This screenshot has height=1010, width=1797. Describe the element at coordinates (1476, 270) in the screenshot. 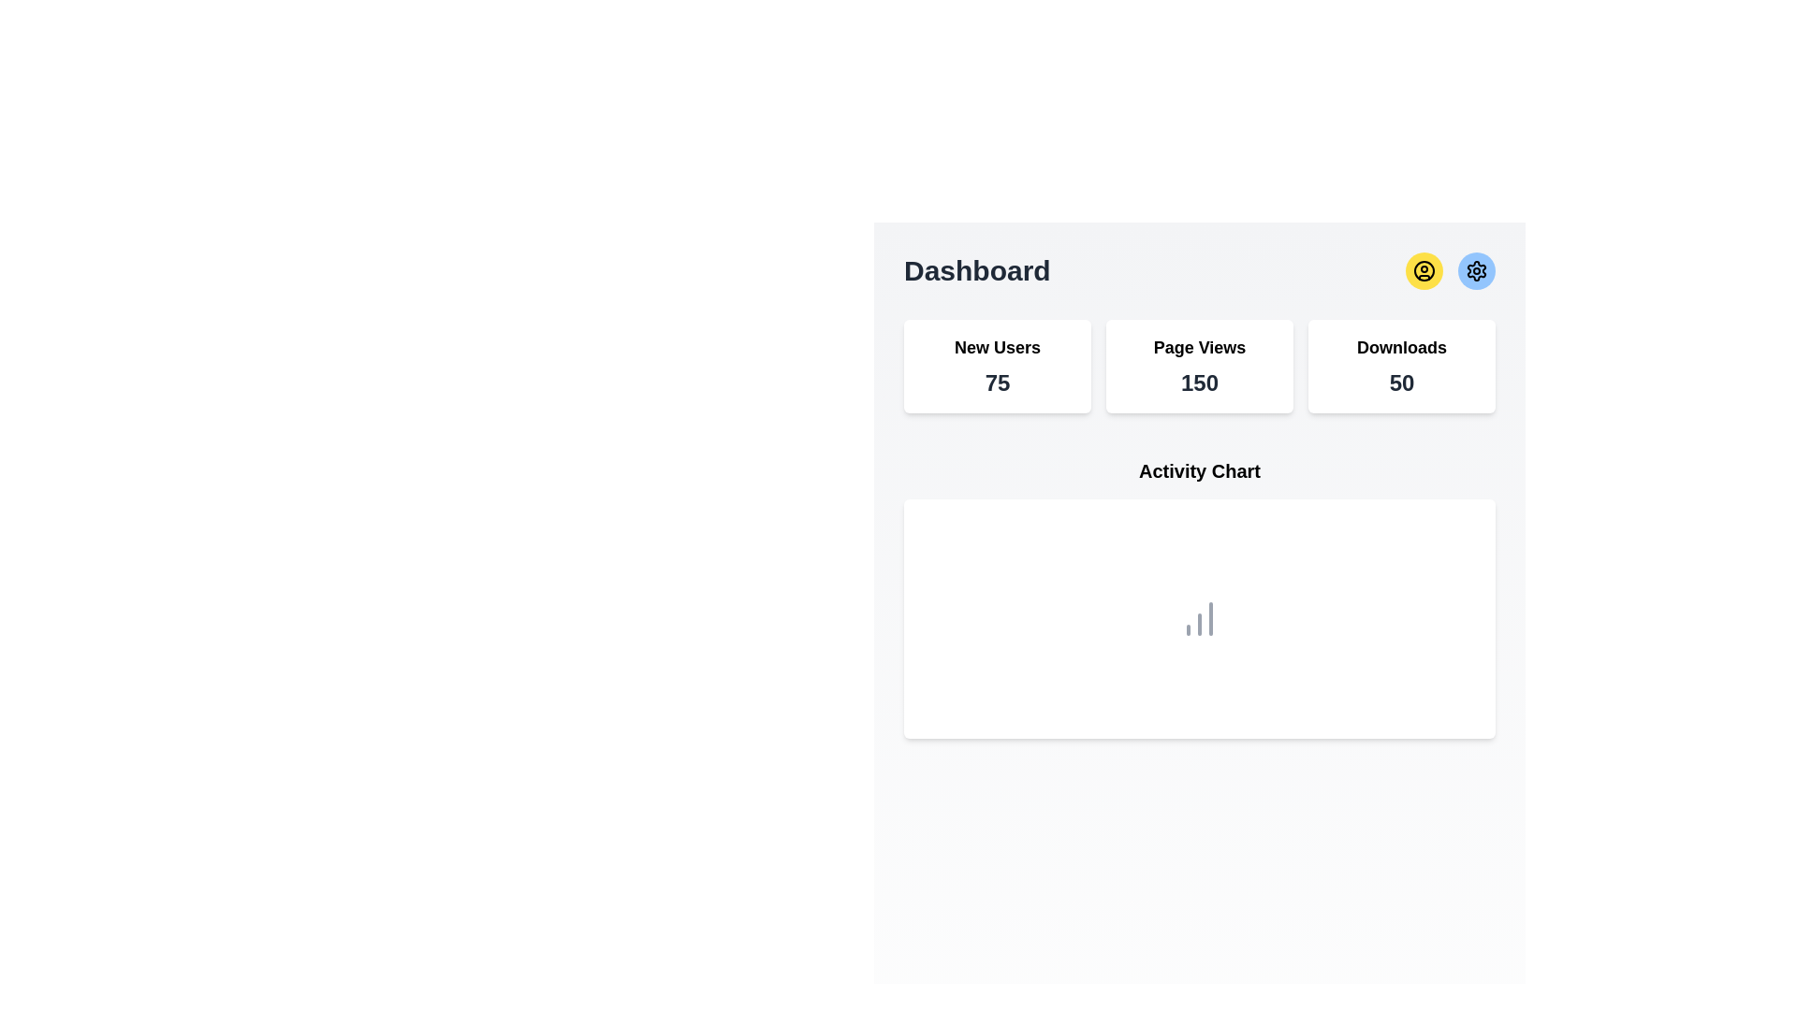

I see `the circular settings button located in the top-right corner of the interface to change its appearance` at that location.